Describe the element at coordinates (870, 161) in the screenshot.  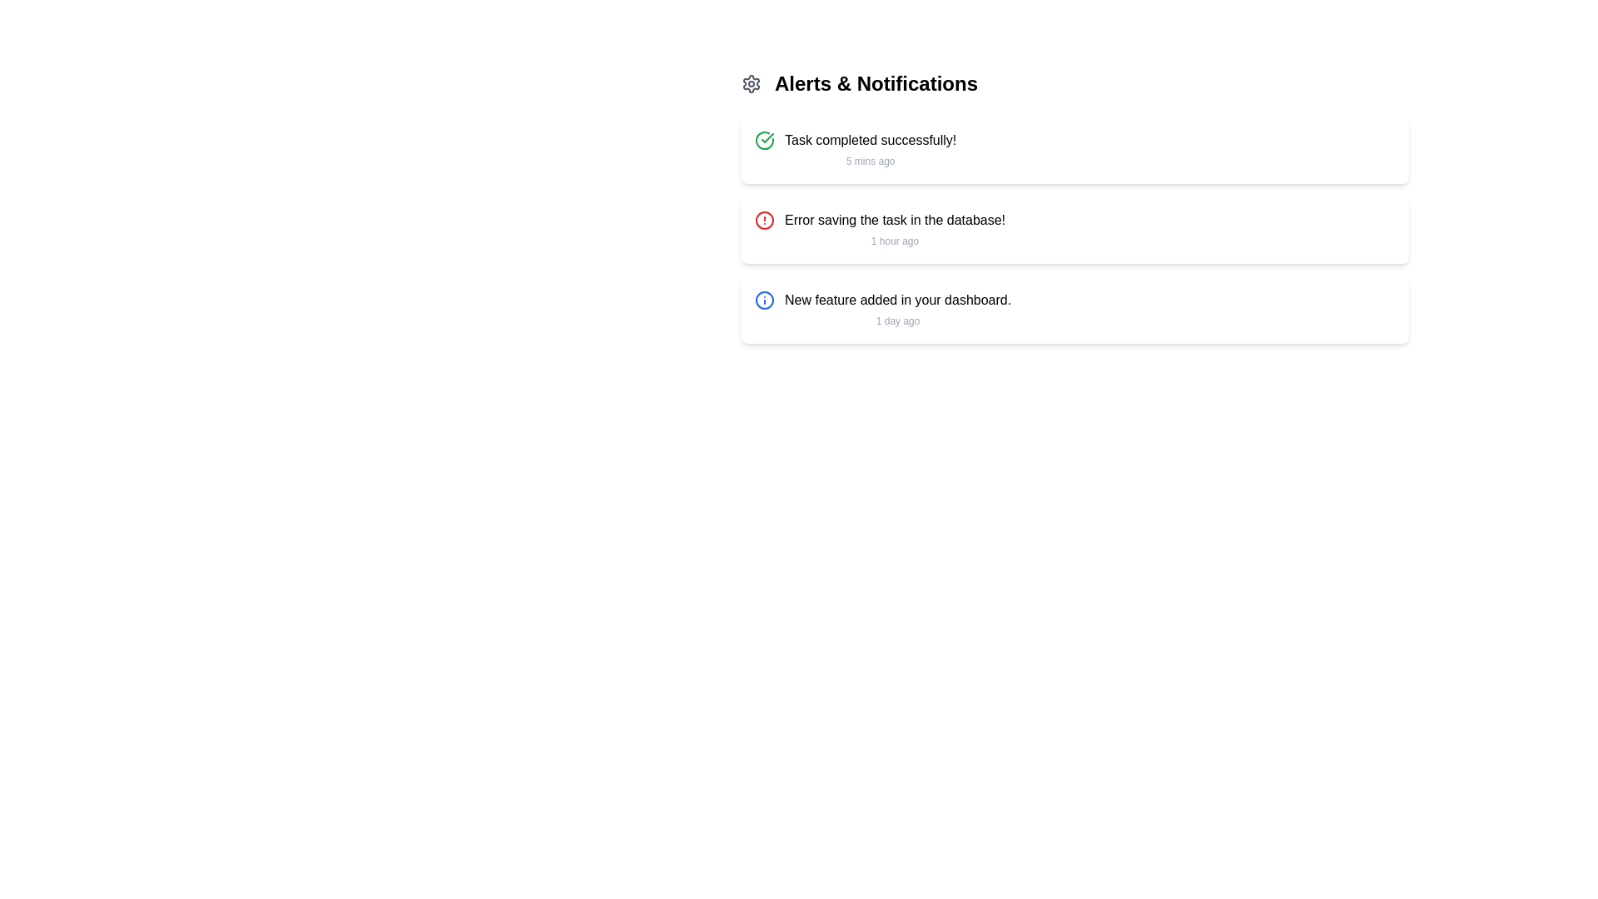
I see `timestamp text label located beneath the 'Task completed successfully!' message within the 'Alerts & Notifications' section` at that location.